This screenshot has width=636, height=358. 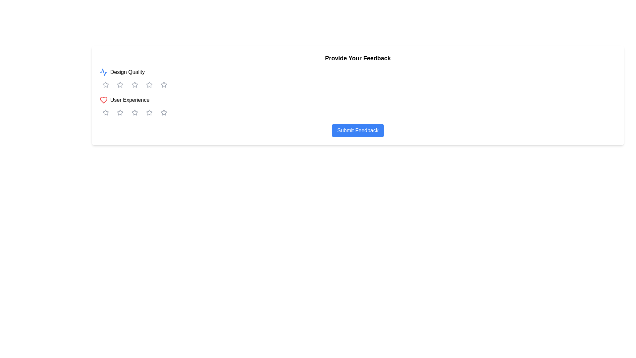 I want to click on the third star icon in the rating stars section for 'Design Quality', so click(x=134, y=84).